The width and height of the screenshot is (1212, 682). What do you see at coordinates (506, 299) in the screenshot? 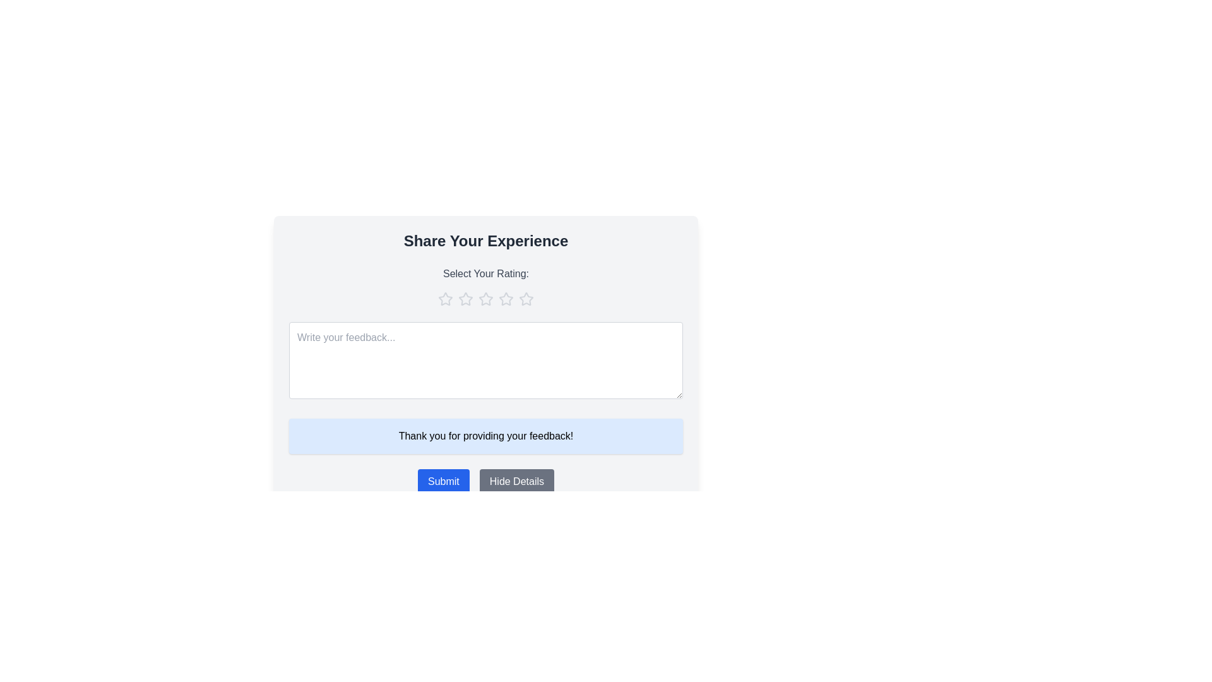
I see `the fourth star` at bounding box center [506, 299].